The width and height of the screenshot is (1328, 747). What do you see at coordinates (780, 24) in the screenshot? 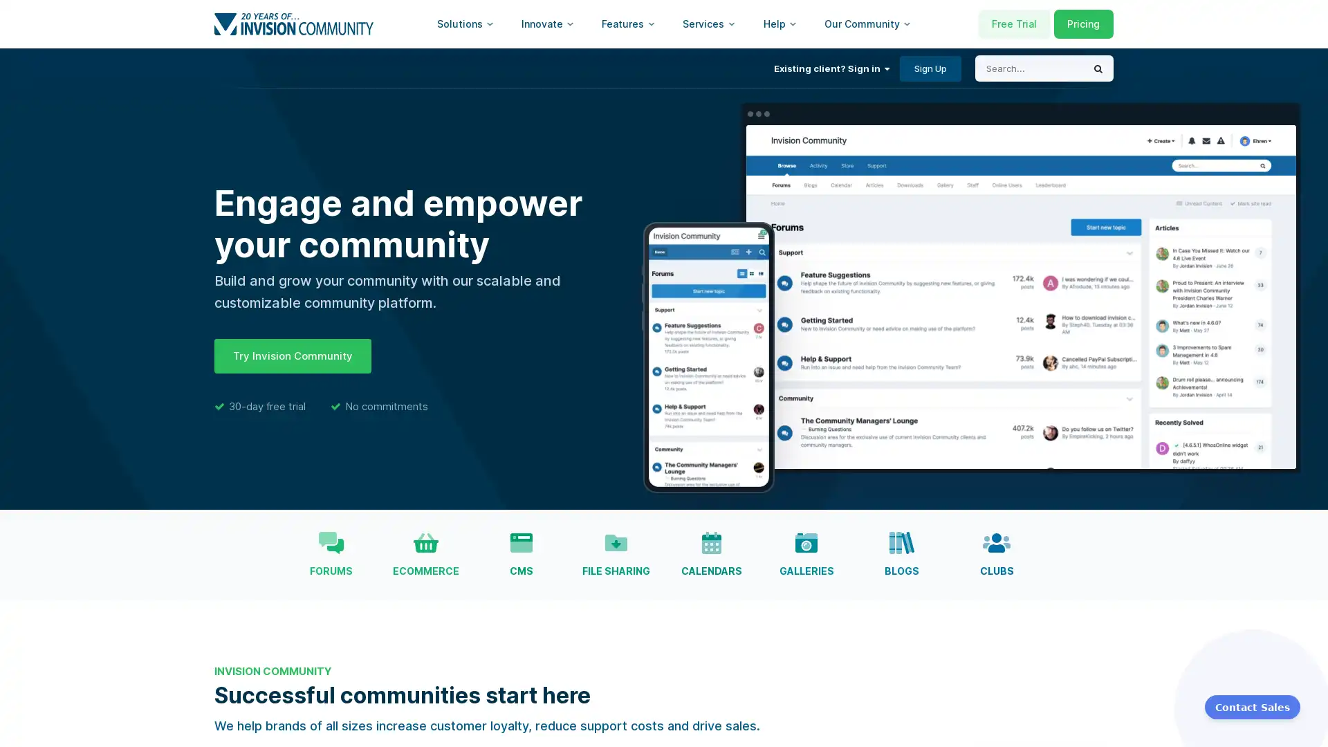
I see `Help` at bounding box center [780, 24].